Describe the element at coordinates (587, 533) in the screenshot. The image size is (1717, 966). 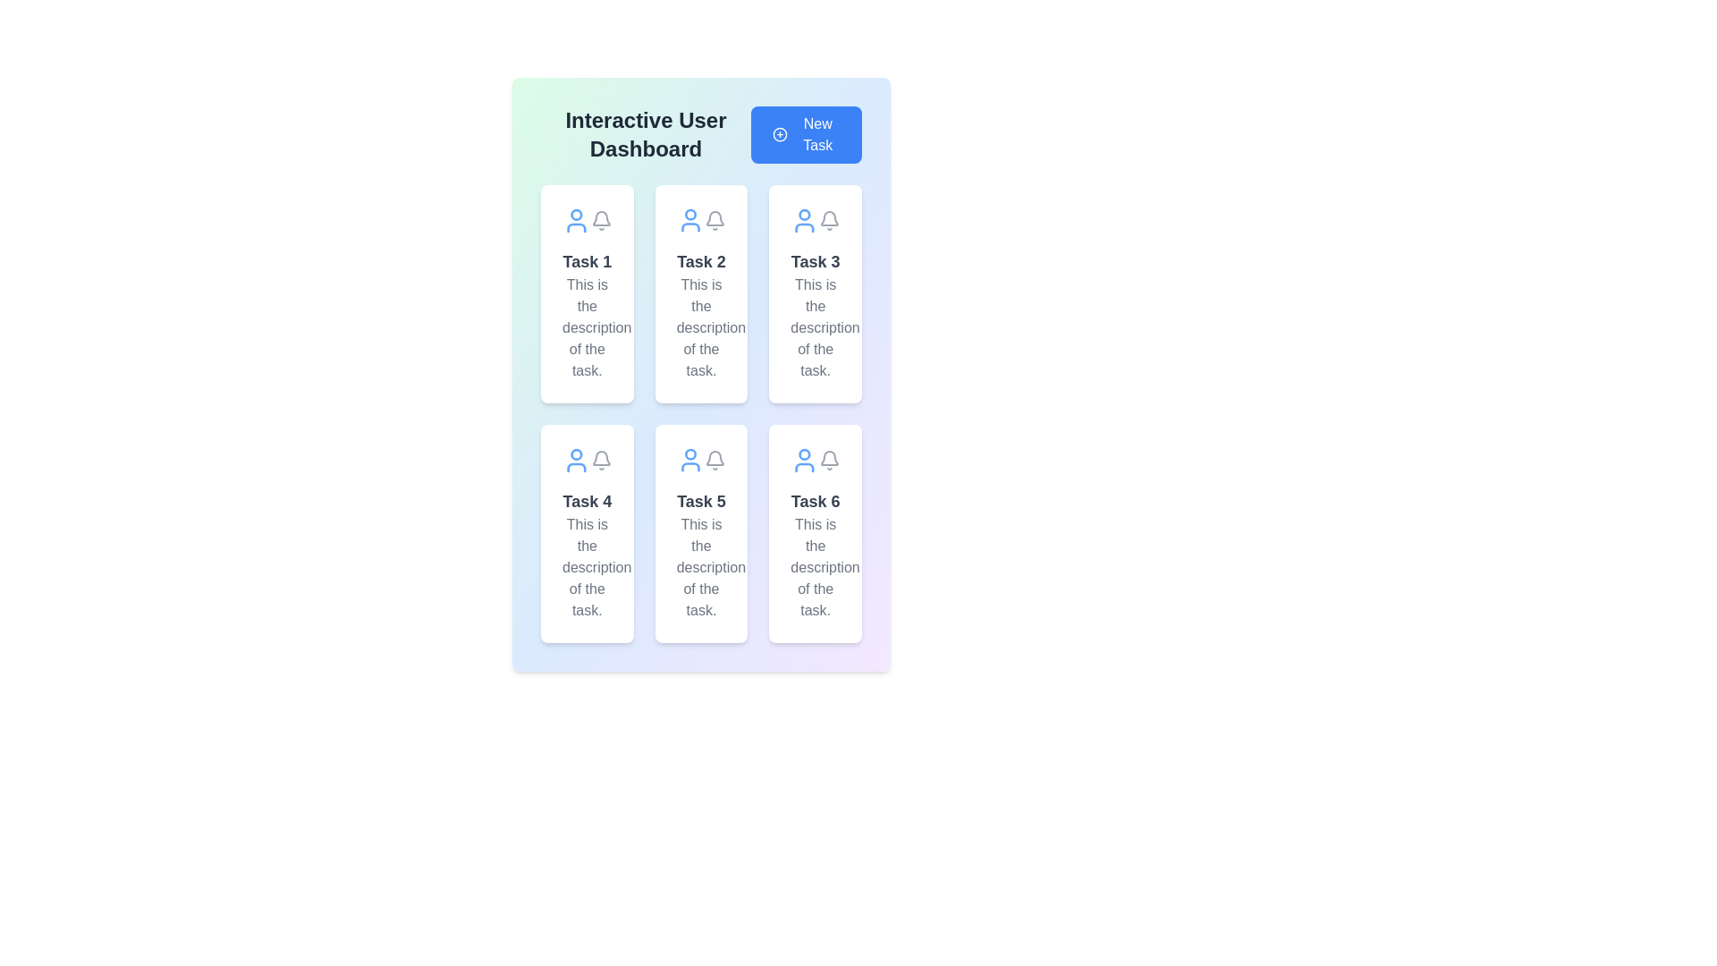
I see `the task item card located in the second row, first column of the grid layout` at that location.